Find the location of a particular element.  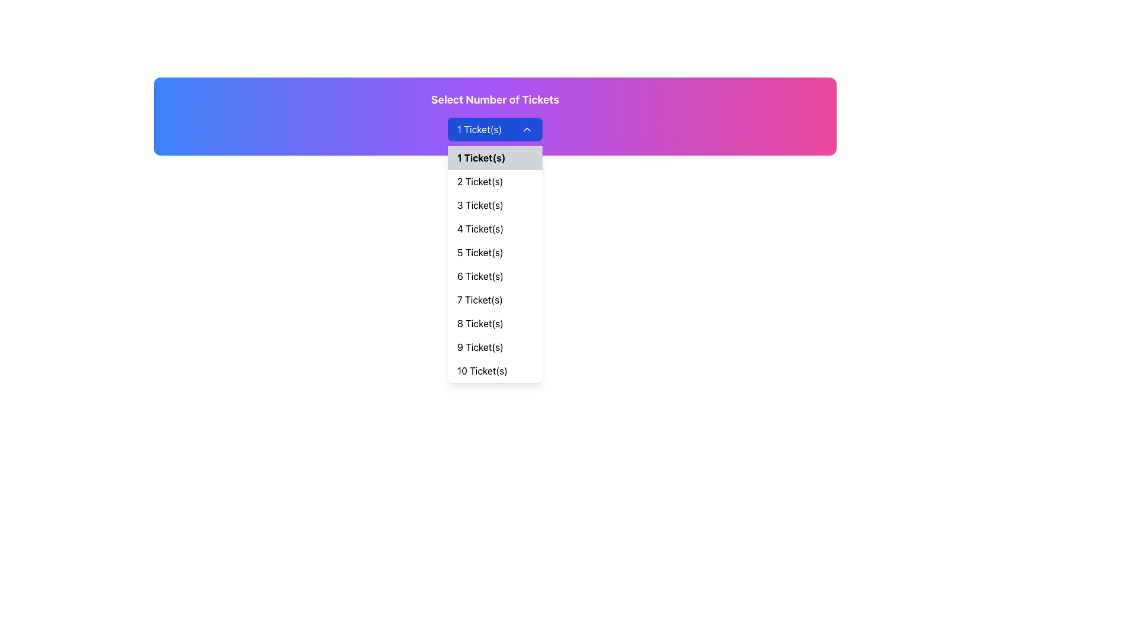

the dropdown option displaying '6 Ticket(s)', which is the 6th item in the dropdown list is located at coordinates (495, 276).